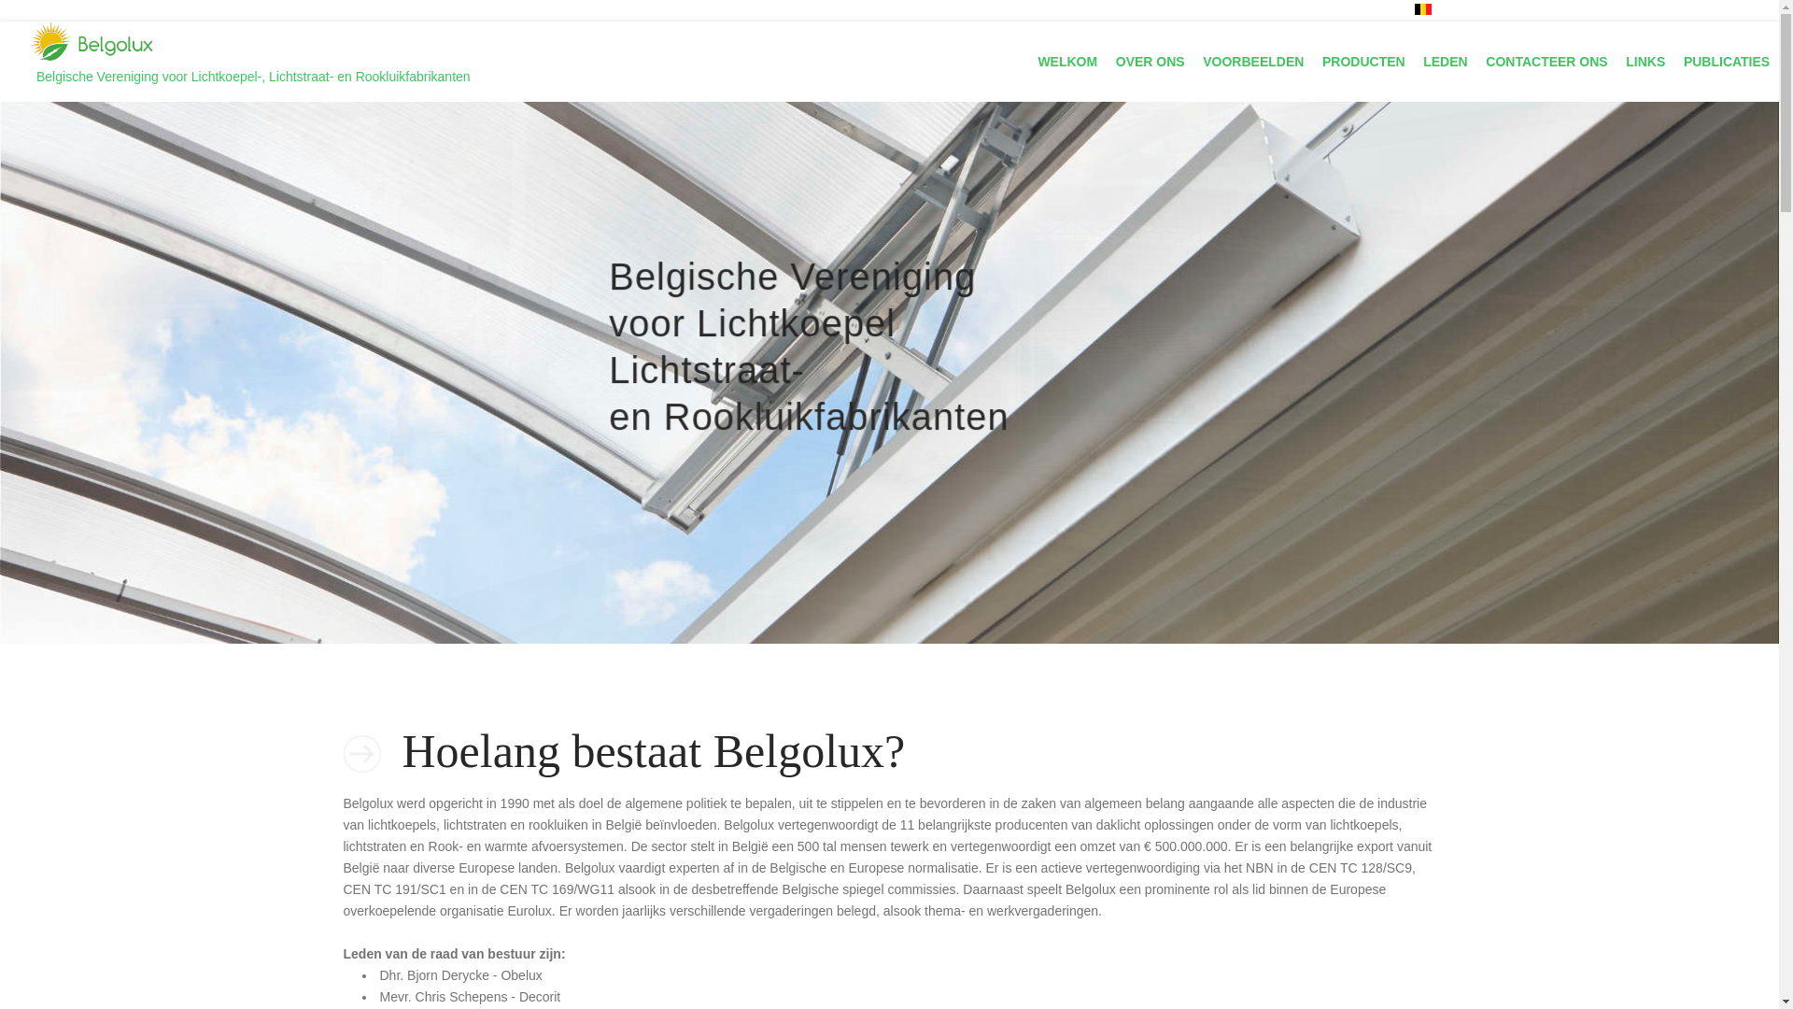 The height and width of the screenshot is (1009, 1793). What do you see at coordinates (1067, 60) in the screenshot?
I see `'WELKOM'` at bounding box center [1067, 60].